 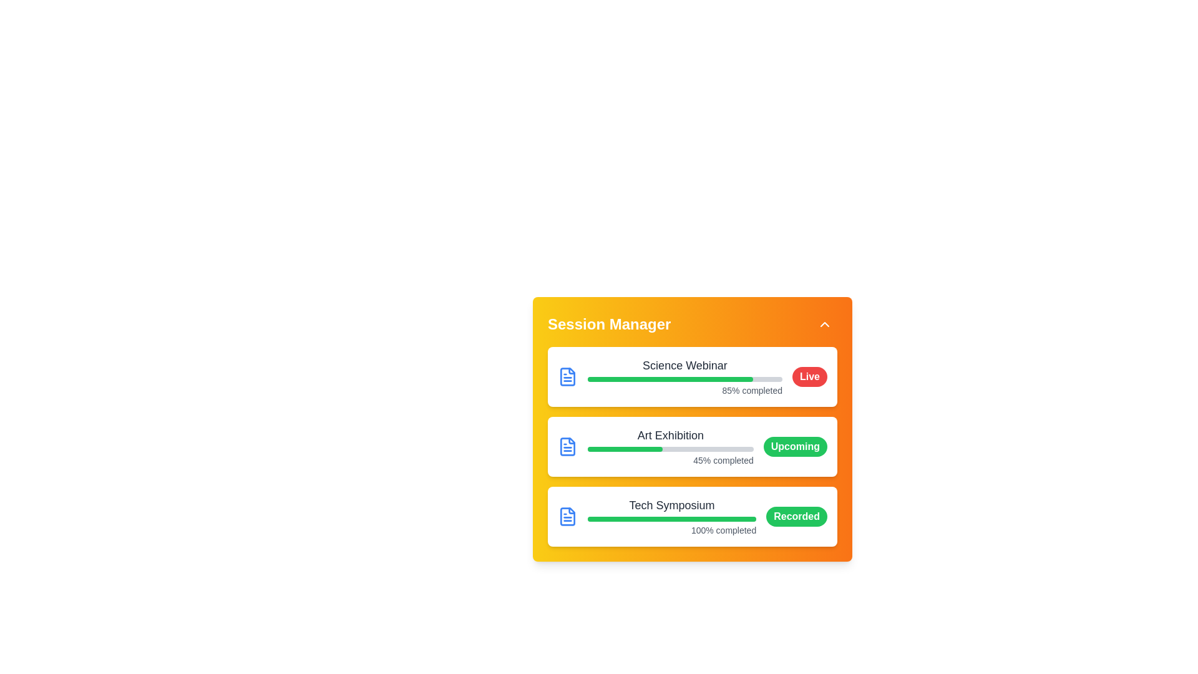 I want to click on the blue document icon with horizontal lines, located to the left of the 'Art Exhibition' text label, so click(x=567, y=446).